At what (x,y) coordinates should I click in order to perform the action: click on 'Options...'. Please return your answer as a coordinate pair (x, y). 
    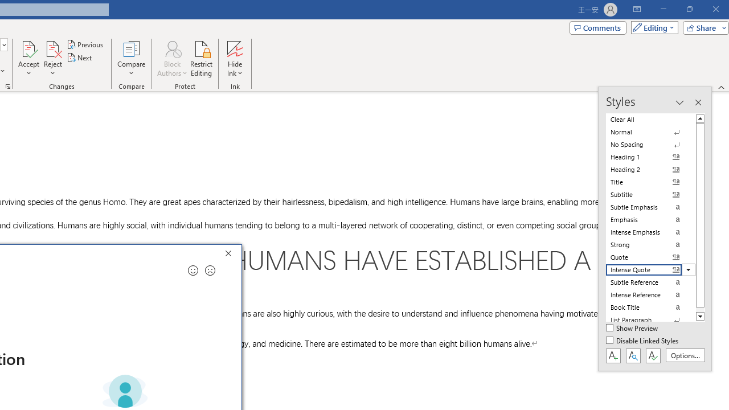
    Looking at the image, I should click on (685, 354).